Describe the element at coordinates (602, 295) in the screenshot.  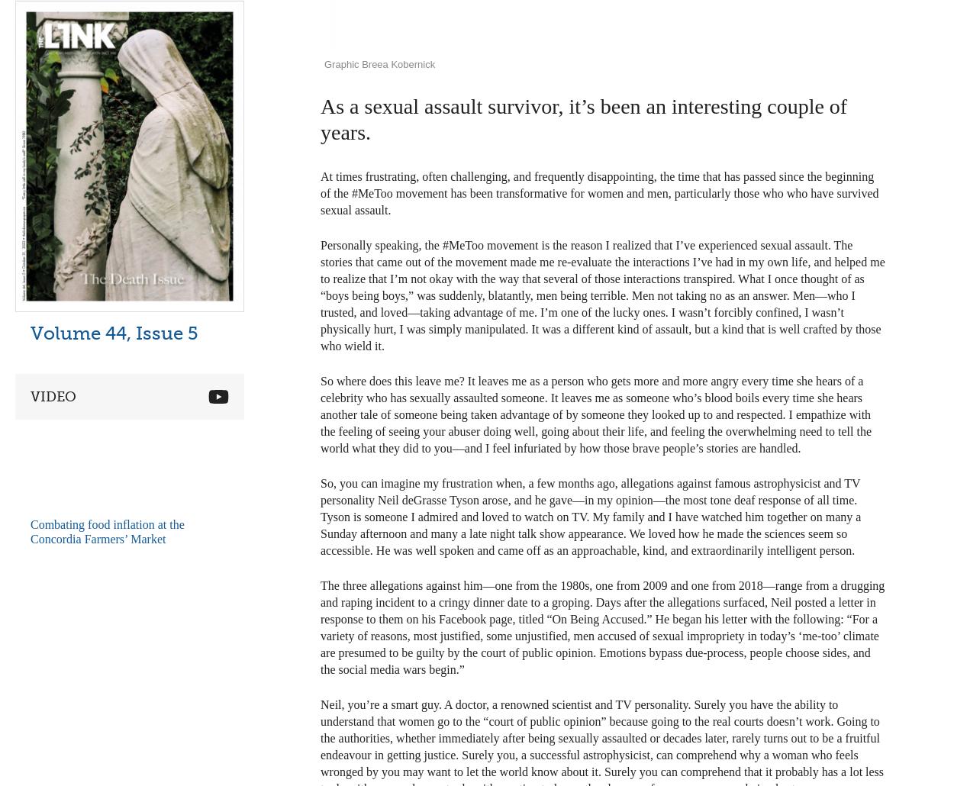
I see `'Personally speaking, the #MeToo movement is the reason I realized that I’ve experienced sexual assault. The stories that came out of the movement made me re-evaluate the interactions I’ve had in my own life, and helped me to realize that I’m not okay with the way that several of those interactions transpired.  What I once thought of as “boys being boys,” was suddenly, blatantly, men being terrible.  Men not taking no as an answer.  Men—who I trusted, and loved—taking advantage of me. I’m one of the lucky ones. I wasn’t forcibly confined, I wasn’t physically hurt, I was simply manipulated.  It was a different kind of assault, but a kind that is well crafted by those who wield it.'` at that location.